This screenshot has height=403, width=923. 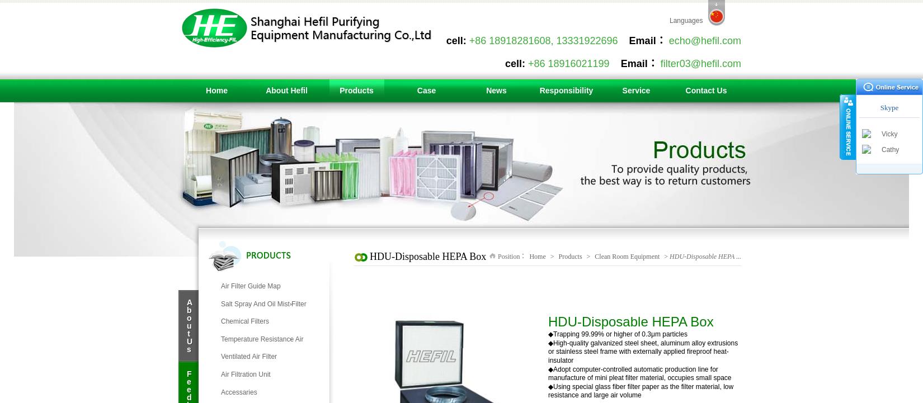 I want to click on '◆Adopt computer-controlled automatic production line for manufacture of mini pleat filter material, occupies small space', so click(x=639, y=373).